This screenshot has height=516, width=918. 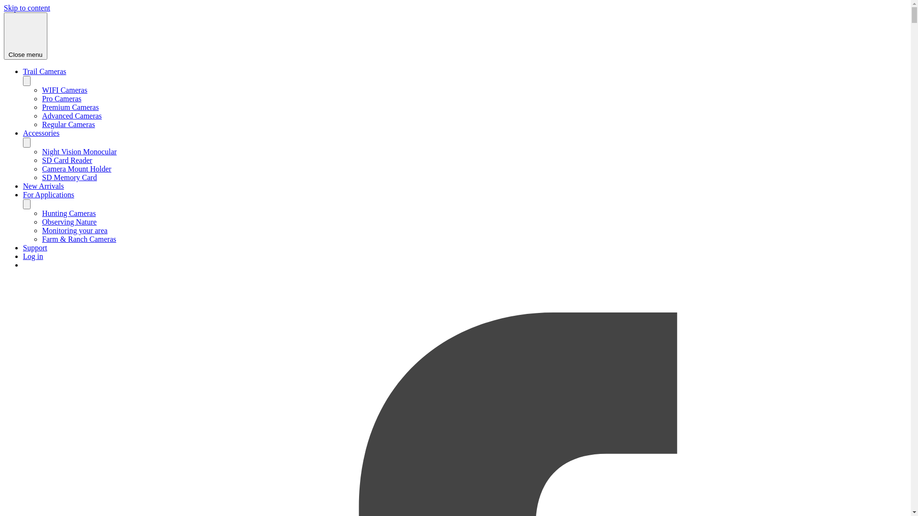 What do you see at coordinates (68, 213) in the screenshot?
I see `'Hunting Cameras'` at bounding box center [68, 213].